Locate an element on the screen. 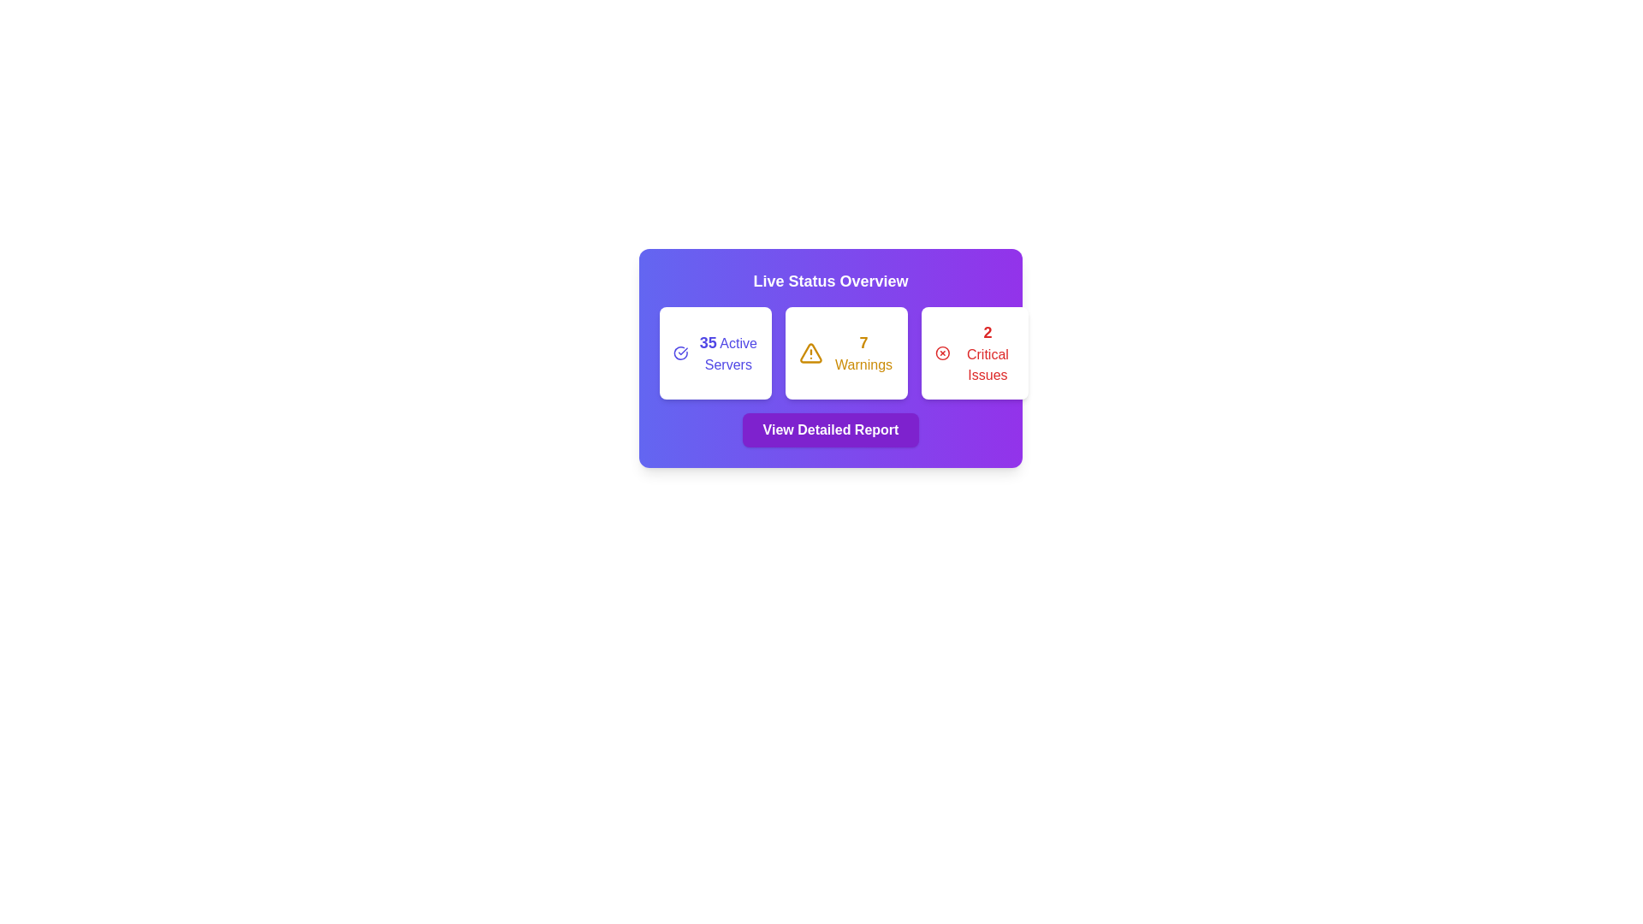  the Informational panel, which features a red 'X' icon and the text '2 Critical Issues', to obtain more details about the critical issues is located at coordinates (975, 352).